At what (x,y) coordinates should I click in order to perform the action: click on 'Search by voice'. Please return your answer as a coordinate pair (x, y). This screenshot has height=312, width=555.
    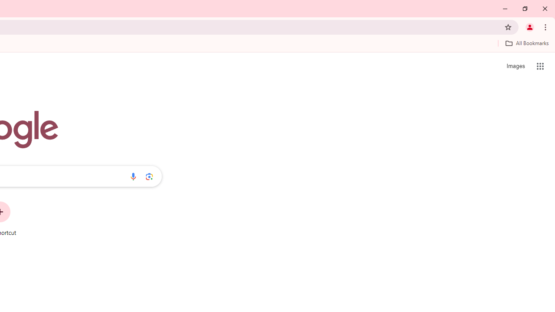
    Looking at the image, I should click on (133, 176).